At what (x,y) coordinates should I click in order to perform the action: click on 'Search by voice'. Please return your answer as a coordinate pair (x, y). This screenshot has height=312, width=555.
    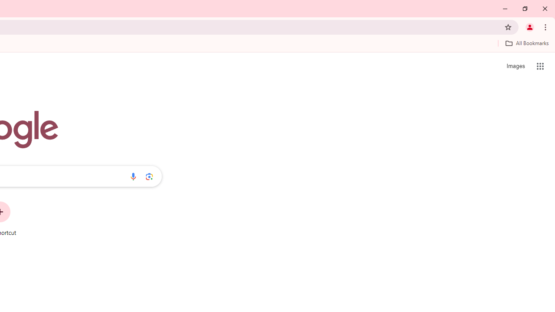
    Looking at the image, I should click on (133, 176).